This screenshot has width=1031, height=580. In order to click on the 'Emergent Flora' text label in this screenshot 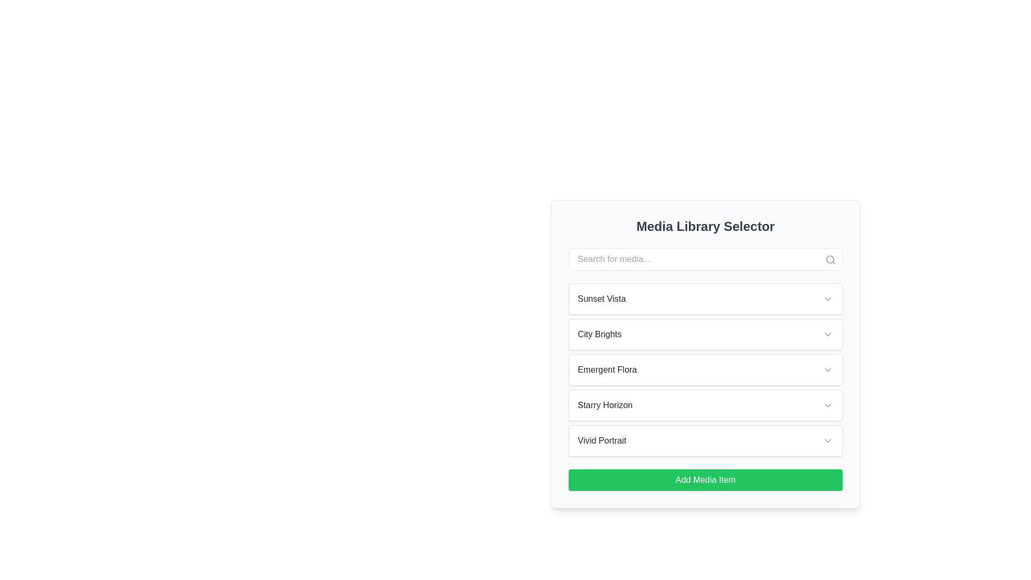, I will do `click(607, 369)`.